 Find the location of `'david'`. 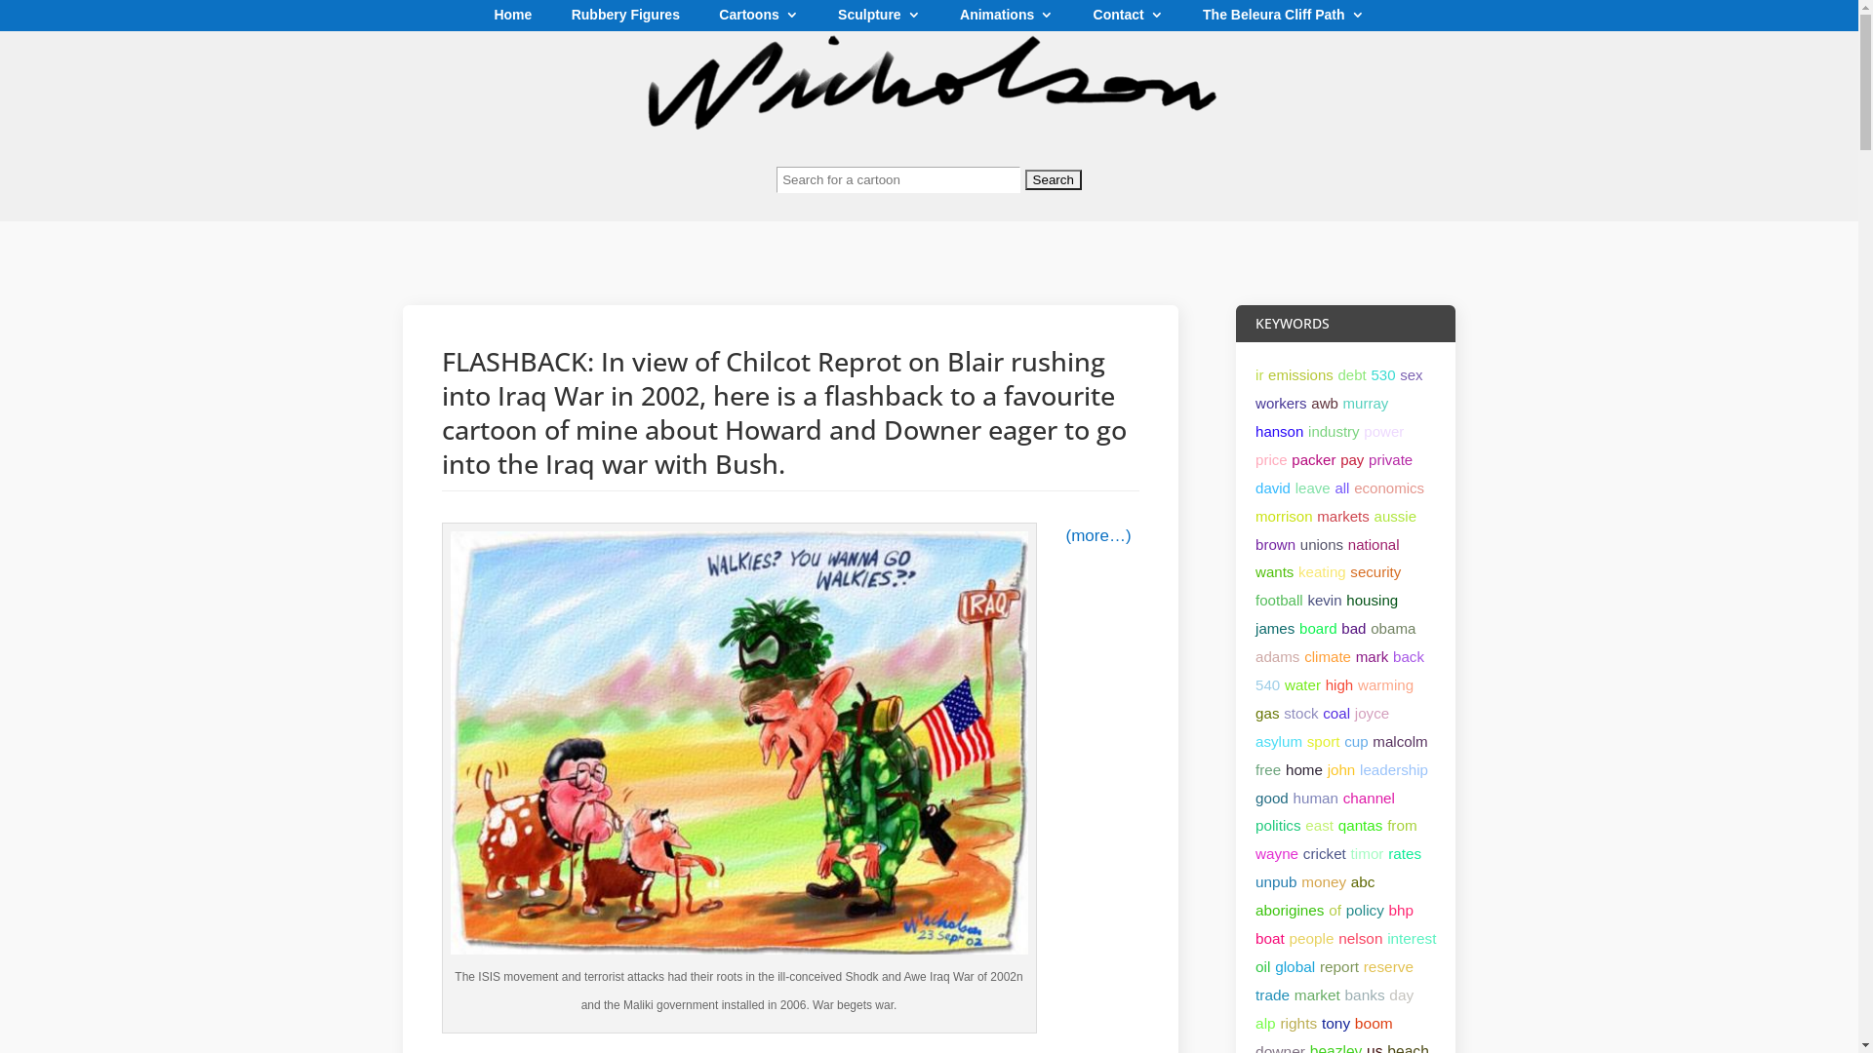

'david' is located at coordinates (1273, 487).